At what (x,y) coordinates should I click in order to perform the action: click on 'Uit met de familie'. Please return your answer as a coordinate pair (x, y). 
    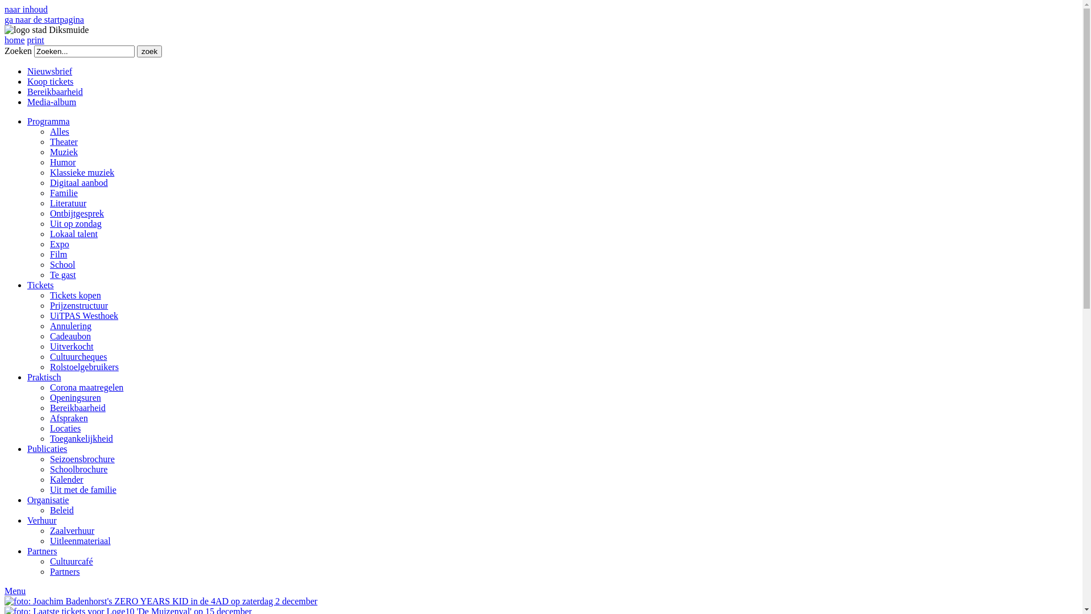
    Looking at the image, I should click on (82, 489).